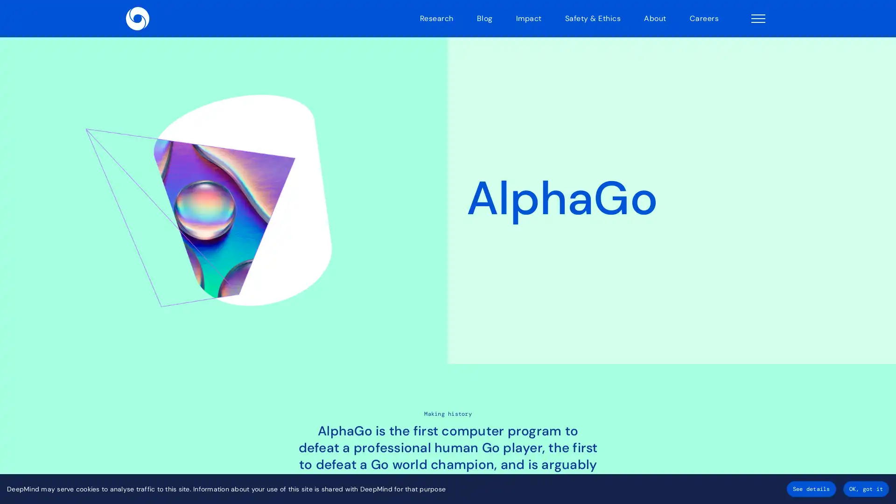  Describe the element at coordinates (865, 489) in the screenshot. I see `OK, got it` at that location.